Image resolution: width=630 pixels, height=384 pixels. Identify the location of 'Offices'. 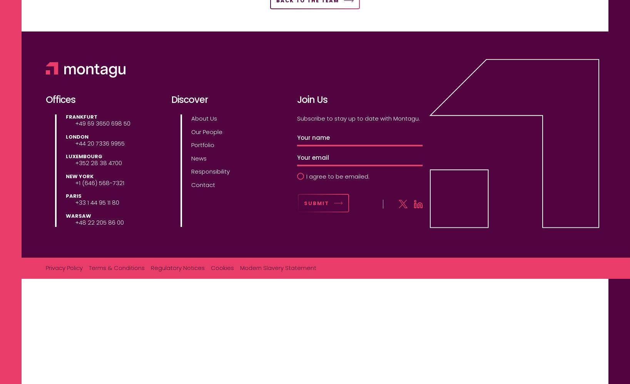
(60, 99).